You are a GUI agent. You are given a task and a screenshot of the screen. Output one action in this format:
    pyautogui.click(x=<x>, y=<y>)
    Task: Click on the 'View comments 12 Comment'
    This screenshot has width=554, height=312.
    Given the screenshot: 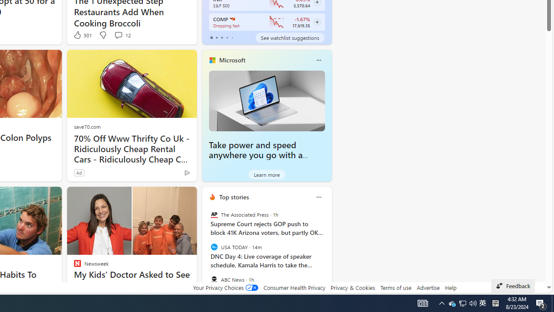 What is the action you would take?
    pyautogui.click(x=118, y=35)
    